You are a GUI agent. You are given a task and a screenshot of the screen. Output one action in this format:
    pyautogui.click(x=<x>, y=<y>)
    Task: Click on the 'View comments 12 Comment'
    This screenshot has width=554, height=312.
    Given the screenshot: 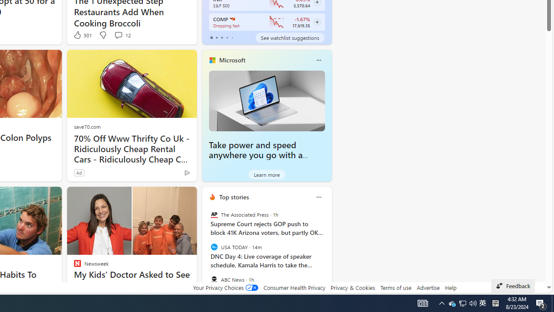 What is the action you would take?
    pyautogui.click(x=118, y=35)
    